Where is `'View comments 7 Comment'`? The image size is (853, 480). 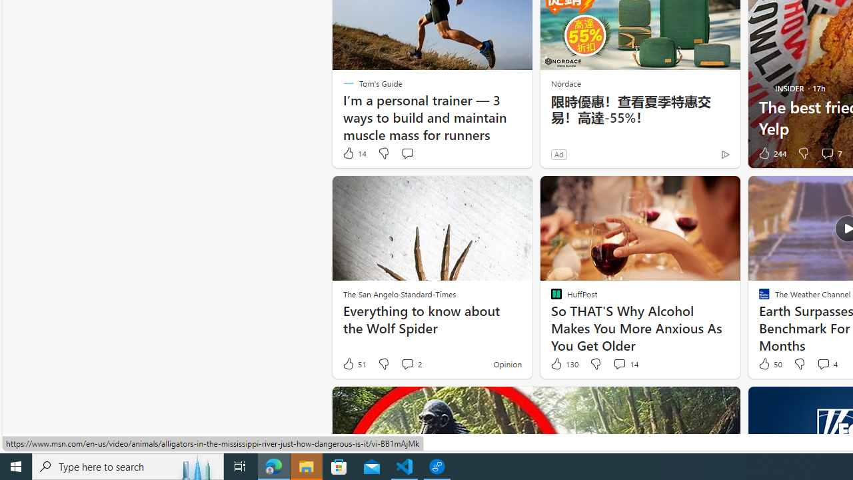 'View comments 7 Comment' is located at coordinates (830, 153).